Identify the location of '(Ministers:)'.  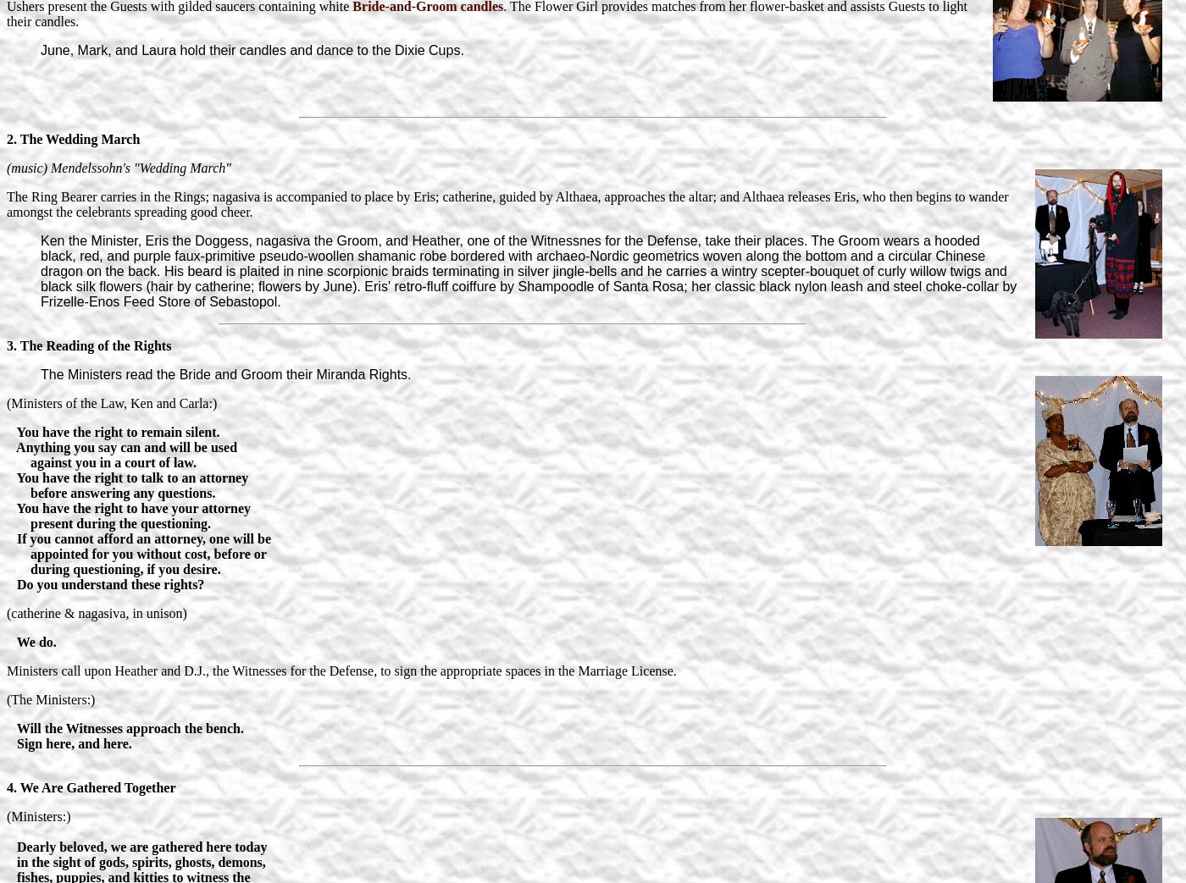
(6, 814).